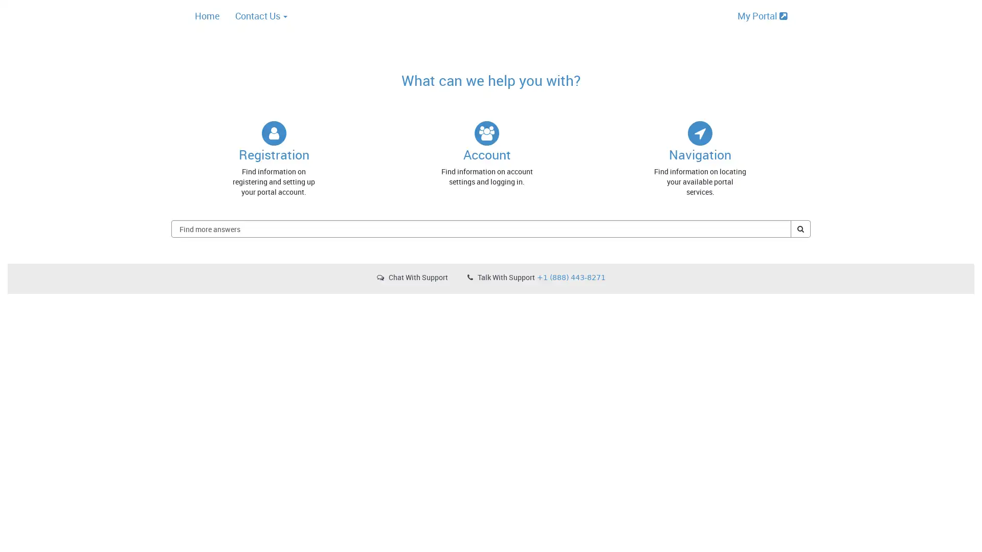 The height and width of the screenshot is (552, 982). Describe the element at coordinates (800, 228) in the screenshot. I see `Find more answers` at that location.